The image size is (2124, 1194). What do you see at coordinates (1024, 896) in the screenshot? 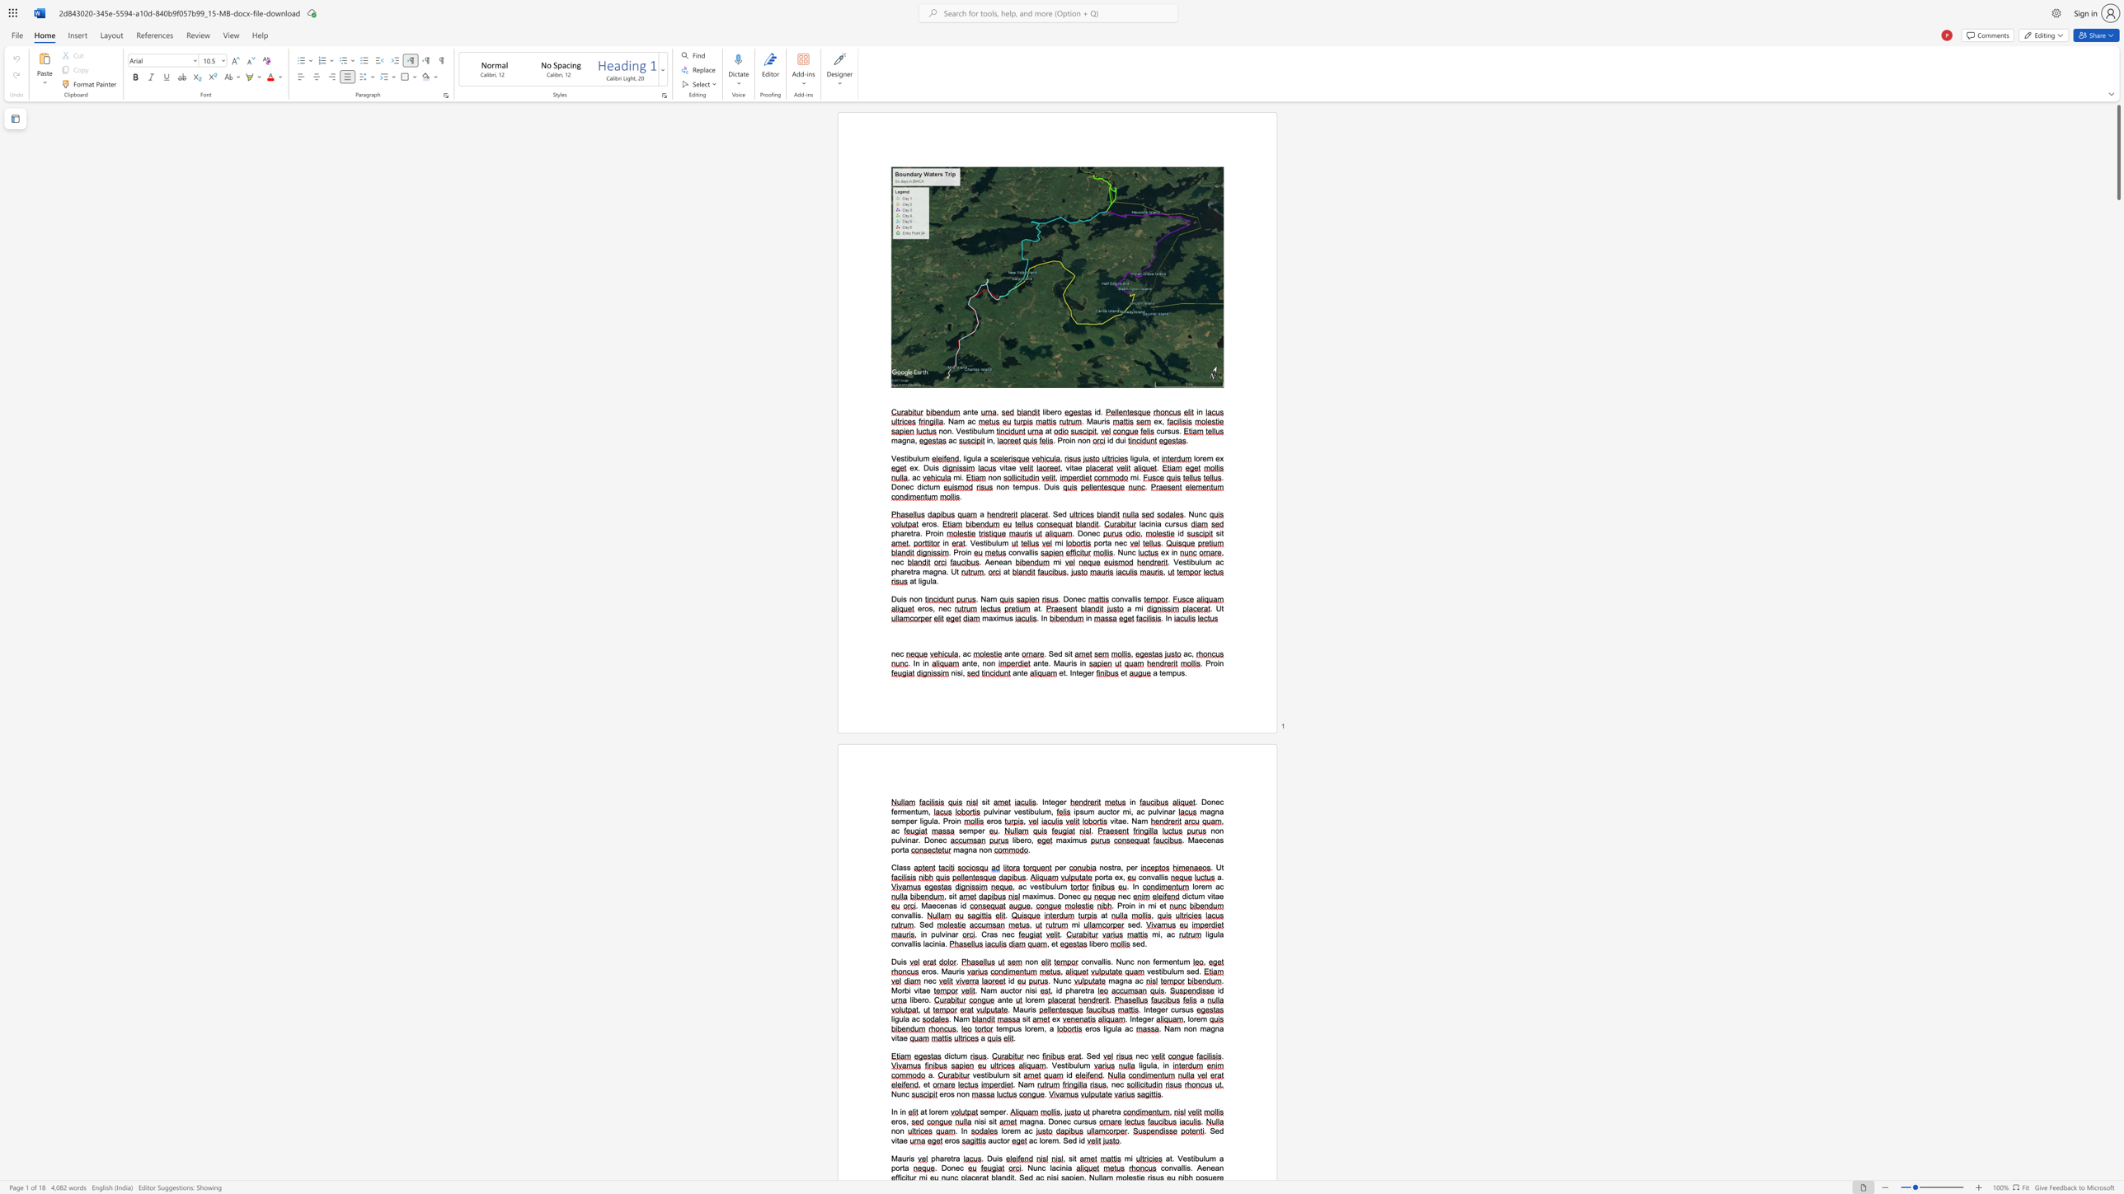
I see `the 1th character "m" in the text` at bounding box center [1024, 896].